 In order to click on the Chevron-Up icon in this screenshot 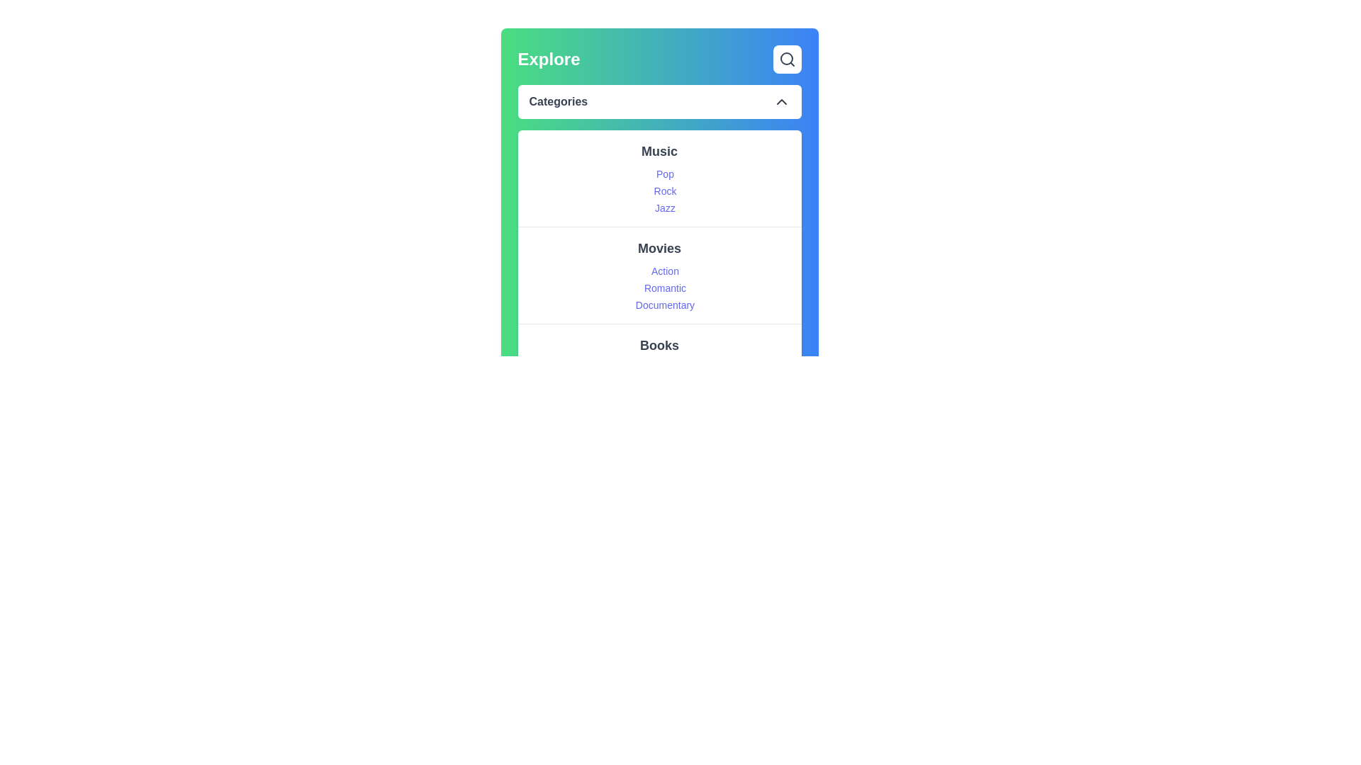, I will do `click(780, 101)`.